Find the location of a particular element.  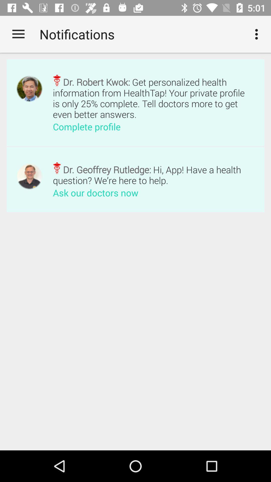

item next to notifications item is located at coordinates (18, 34).